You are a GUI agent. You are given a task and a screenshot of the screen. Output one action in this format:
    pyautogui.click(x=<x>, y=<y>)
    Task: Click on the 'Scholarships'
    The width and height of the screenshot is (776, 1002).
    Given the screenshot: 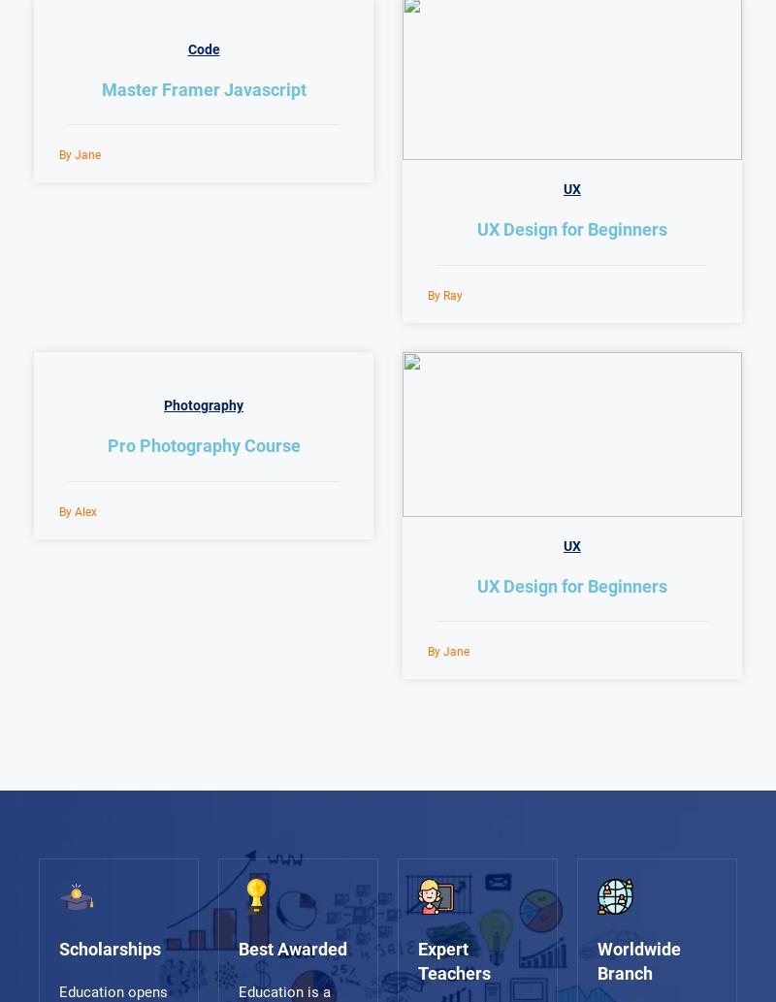 What is the action you would take?
    pyautogui.click(x=57, y=947)
    